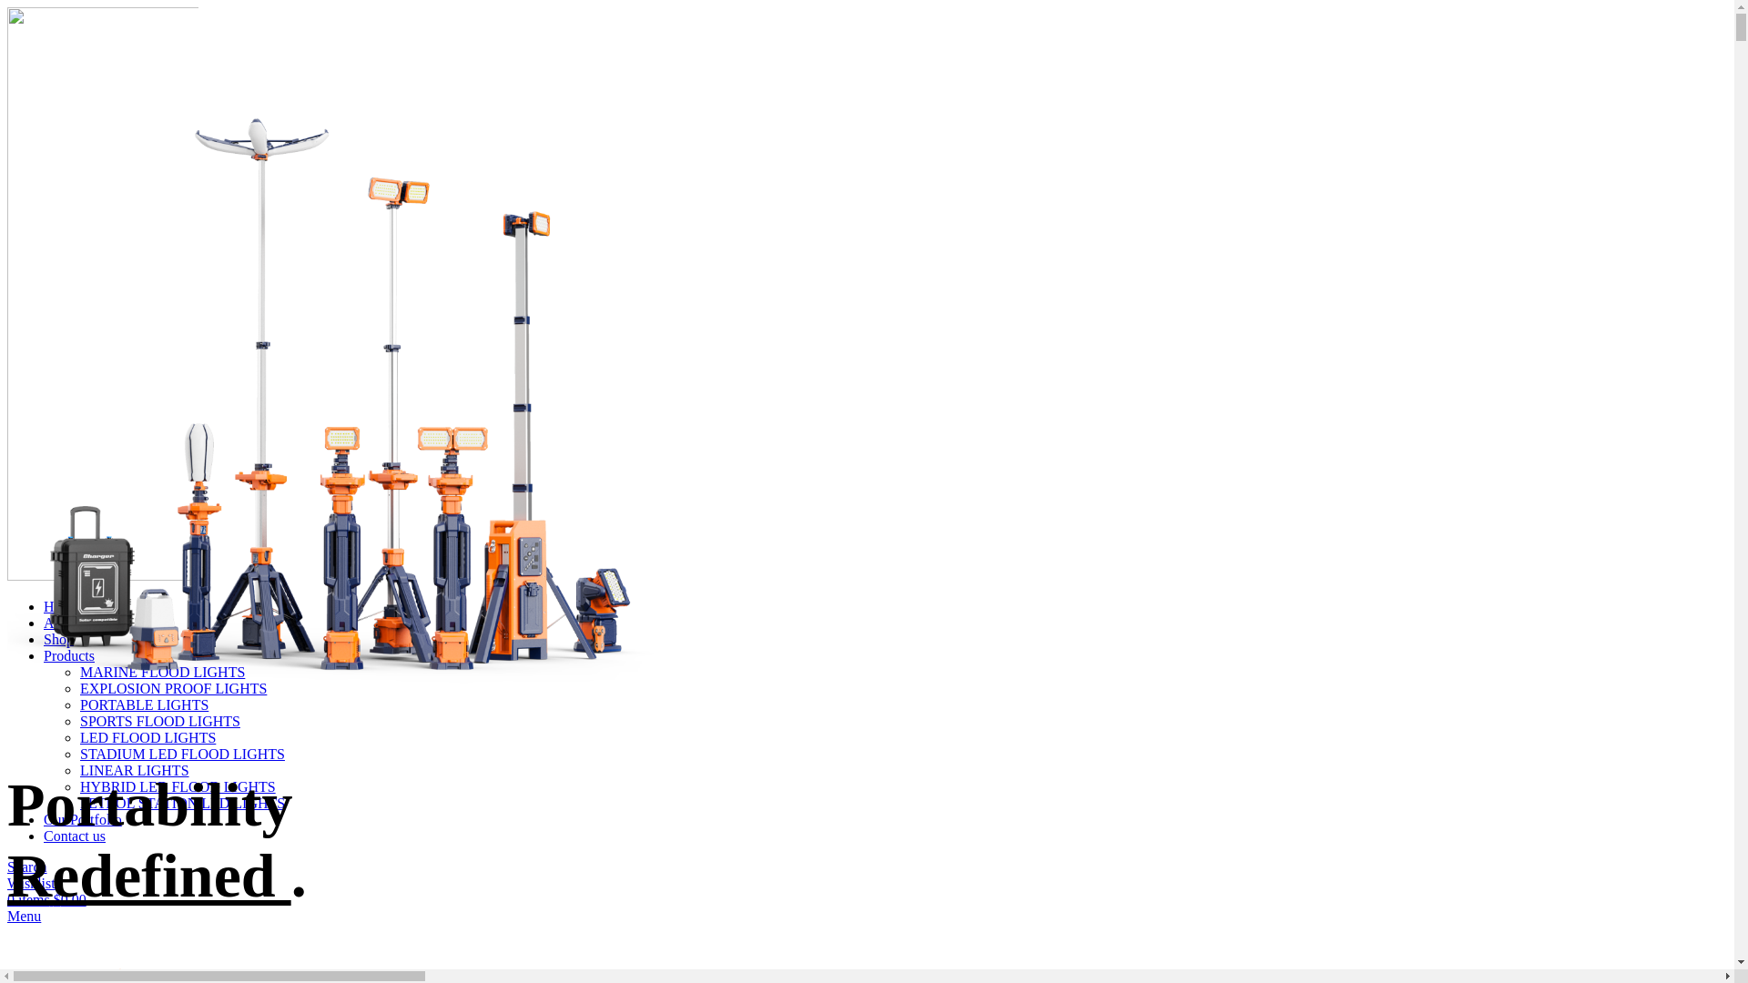 This screenshot has width=1748, height=983. What do you see at coordinates (44, 836) in the screenshot?
I see `'Contact us'` at bounding box center [44, 836].